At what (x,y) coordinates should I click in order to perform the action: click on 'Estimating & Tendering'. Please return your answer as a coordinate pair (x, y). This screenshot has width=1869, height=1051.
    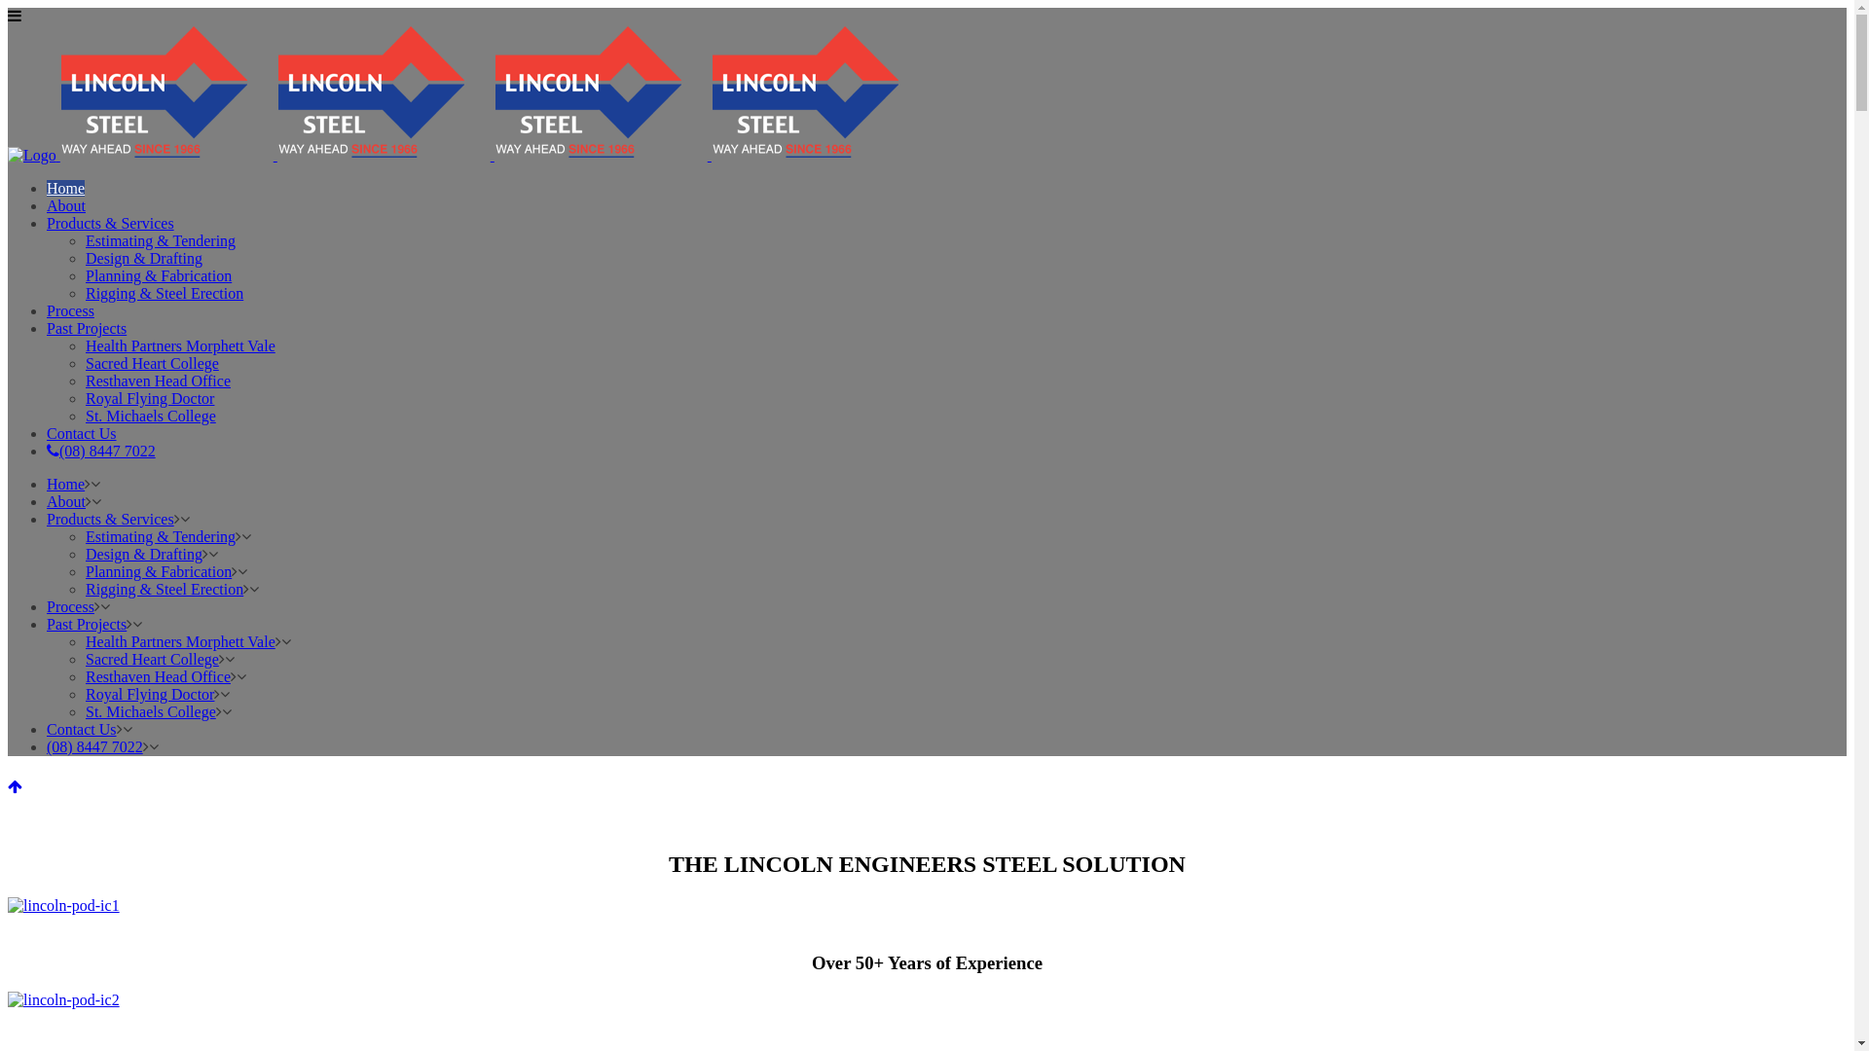
    Looking at the image, I should click on (84, 536).